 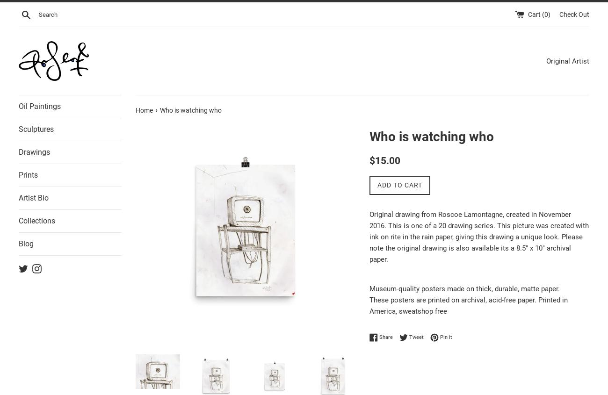 What do you see at coordinates (409, 336) in the screenshot?
I see `'Tweet'` at bounding box center [409, 336].